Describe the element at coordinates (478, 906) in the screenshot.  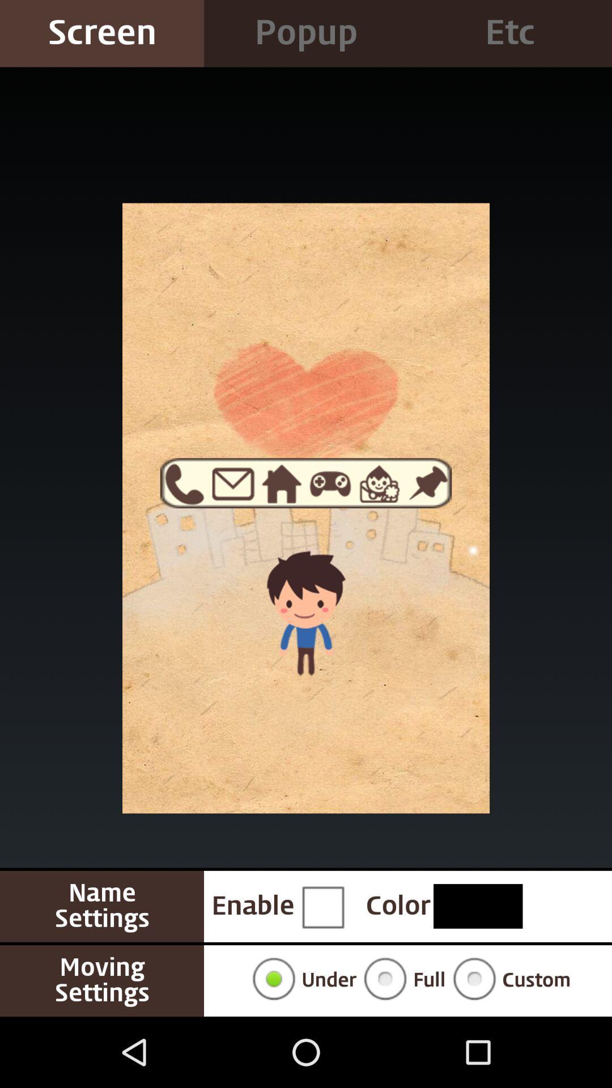
I see `adjust color` at that location.